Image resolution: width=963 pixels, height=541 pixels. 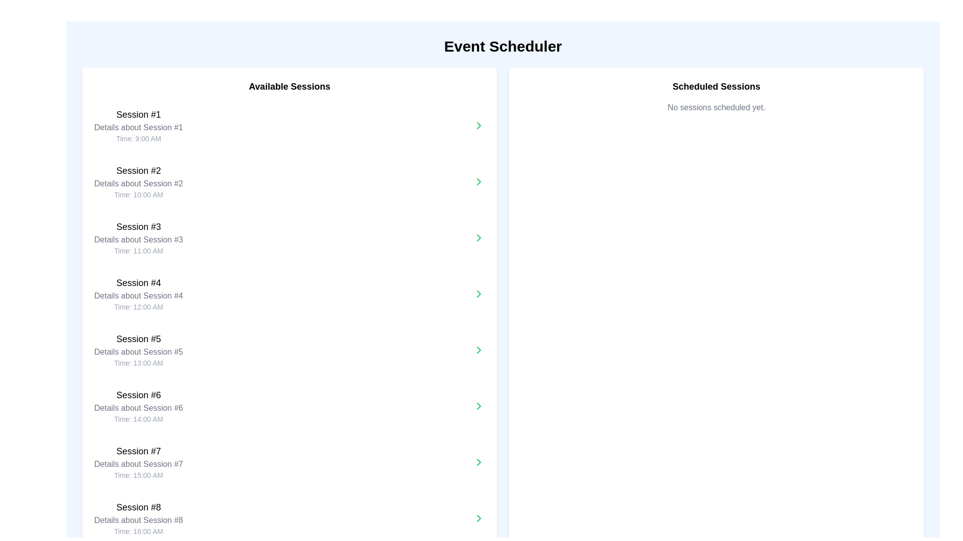 What do you see at coordinates (138, 183) in the screenshot?
I see `descriptive text element providing supplementary information about 'Session #2', which is located in the left panel titled 'Available Sessions', immediately below the 'Session #2' title` at bounding box center [138, 183].